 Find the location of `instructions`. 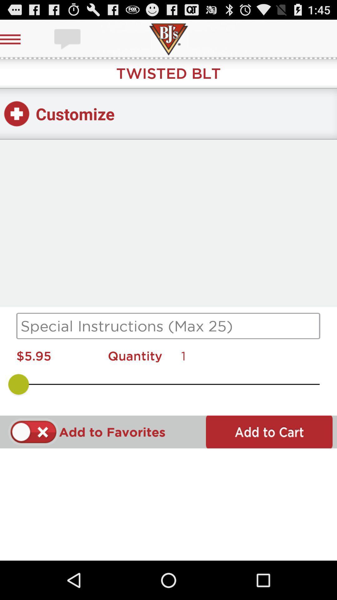

instructions is located at coordinates (168, 326).